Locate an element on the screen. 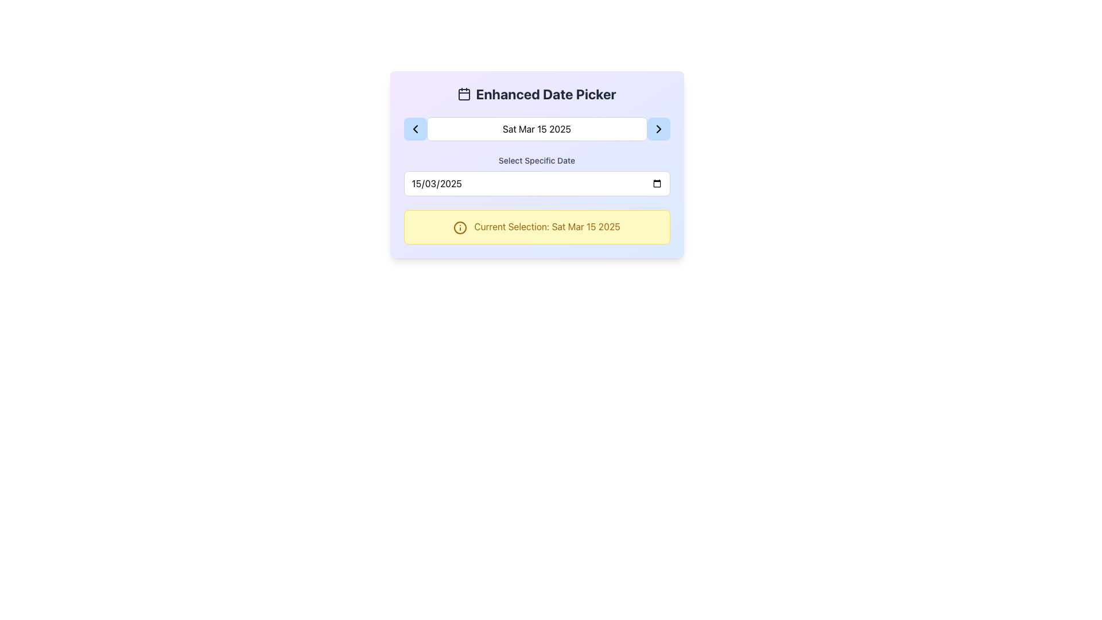  date displayed in the text box that shows 'Sat Mar 15 2025', which is styled with a white background and gray border, located at the center of the date picker interface is located at coordinates (536, 129).